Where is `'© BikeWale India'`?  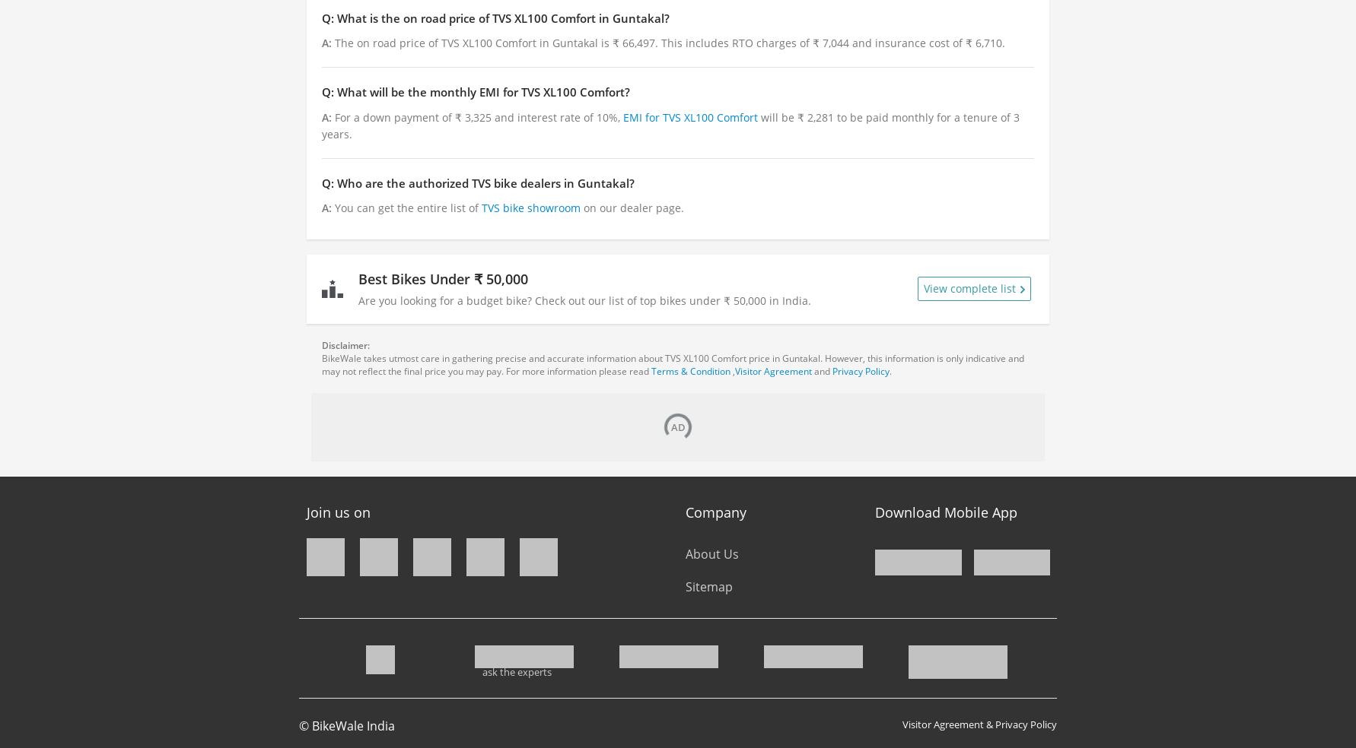
'© BikeWale India' is located at coordinates (298, 725).